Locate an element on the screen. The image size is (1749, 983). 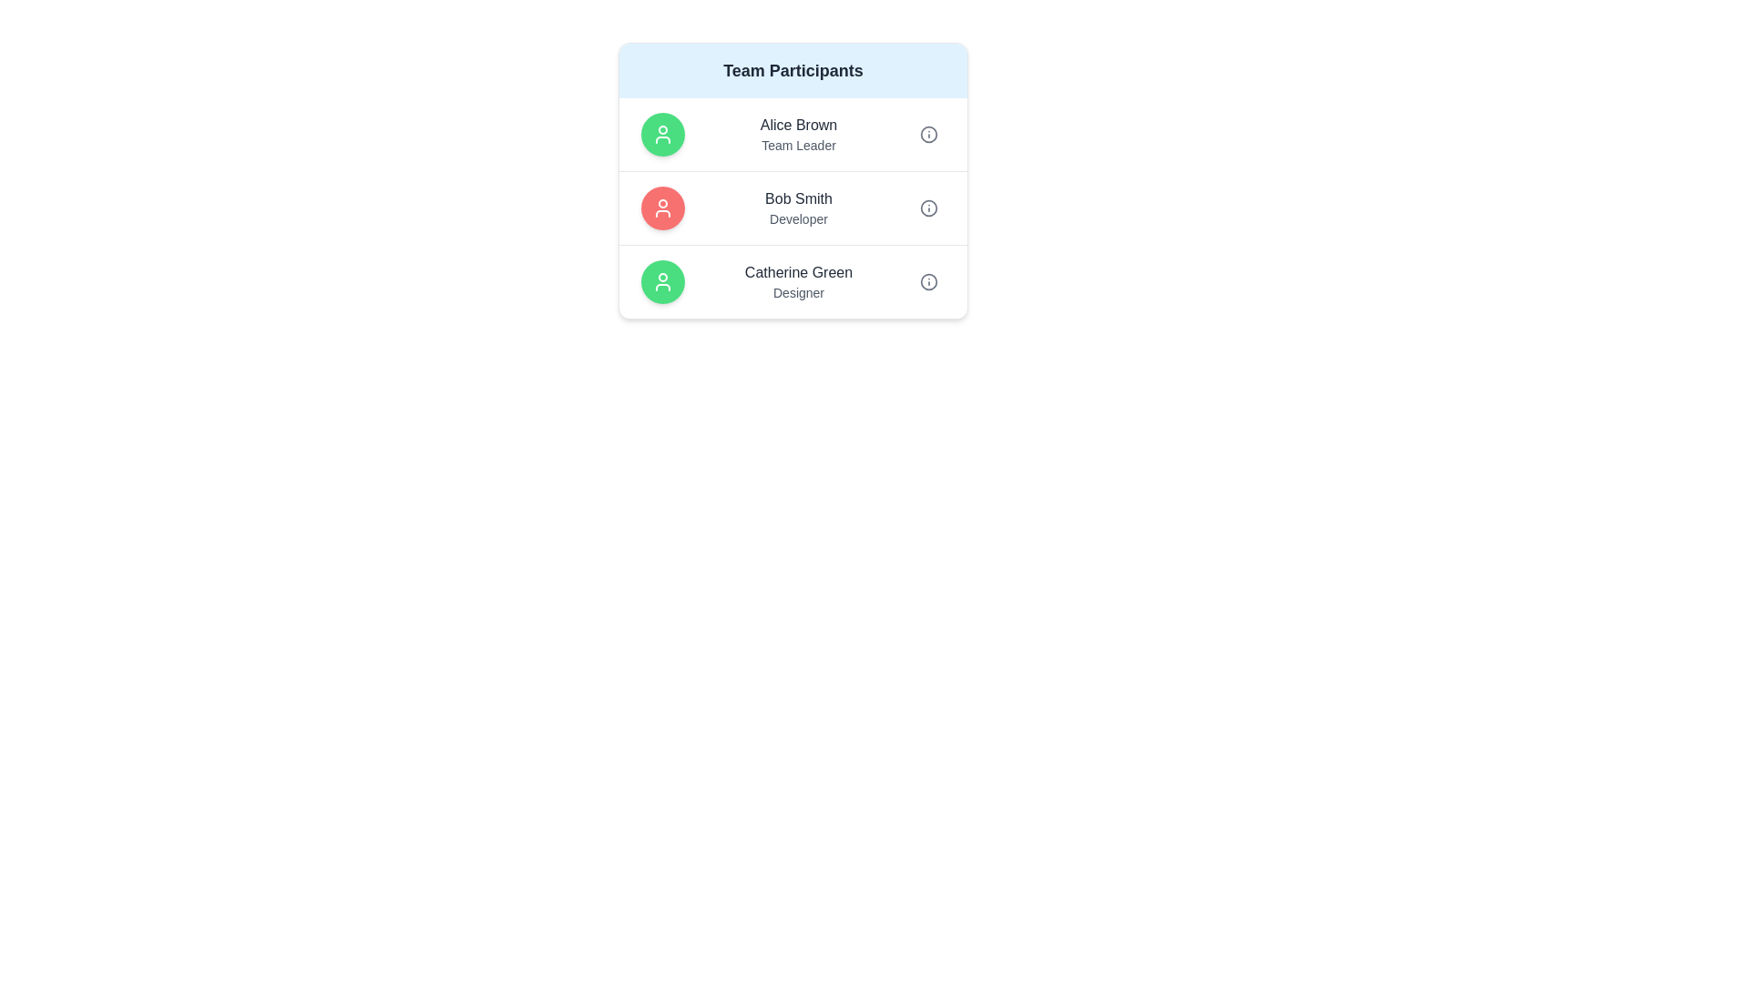
the text label indicating that 'Catherine Green' is a 'Designer' within the team participant list is located at coordinates (799, 291).